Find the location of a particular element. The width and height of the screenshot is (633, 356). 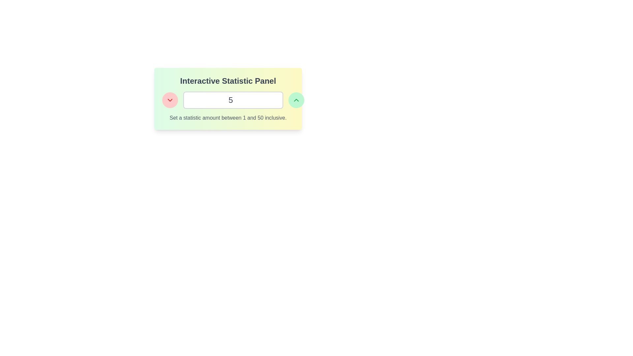

the dropdown indicator icon located within the rounded button on the left of the interactive statistic panel is located at coordinates (170, 100).